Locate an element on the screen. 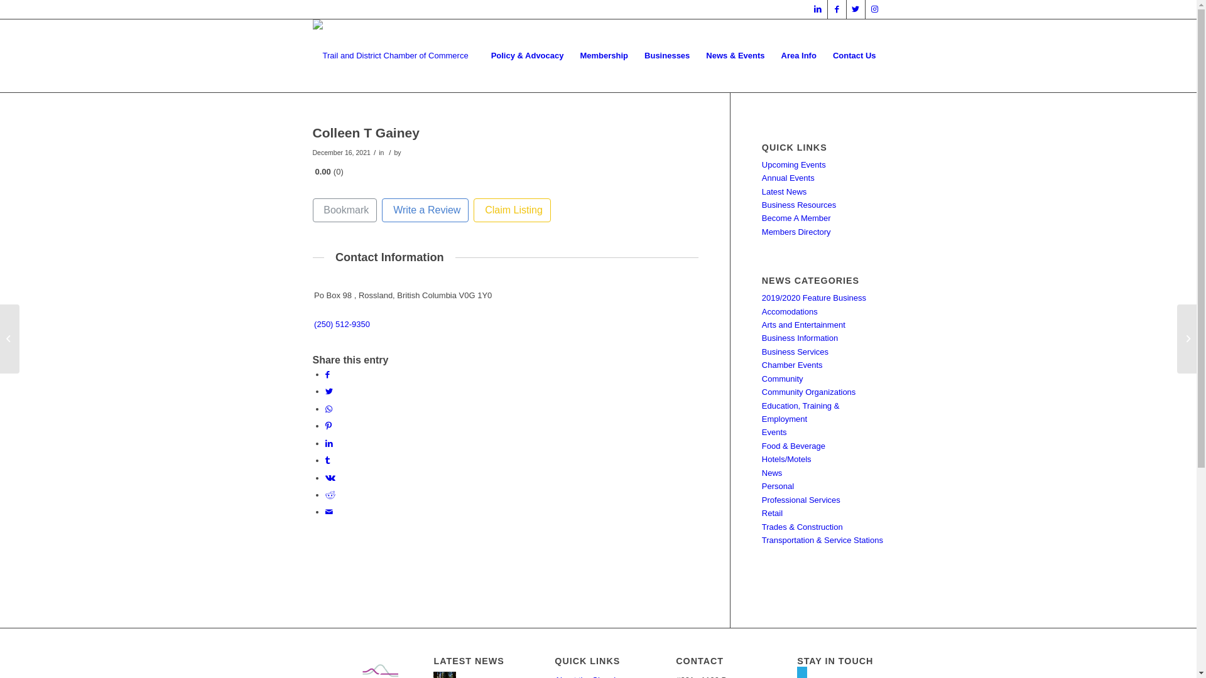 This screenshot has width=1206, height=678. 'Bookmark' is located at coordinates (313, 210).